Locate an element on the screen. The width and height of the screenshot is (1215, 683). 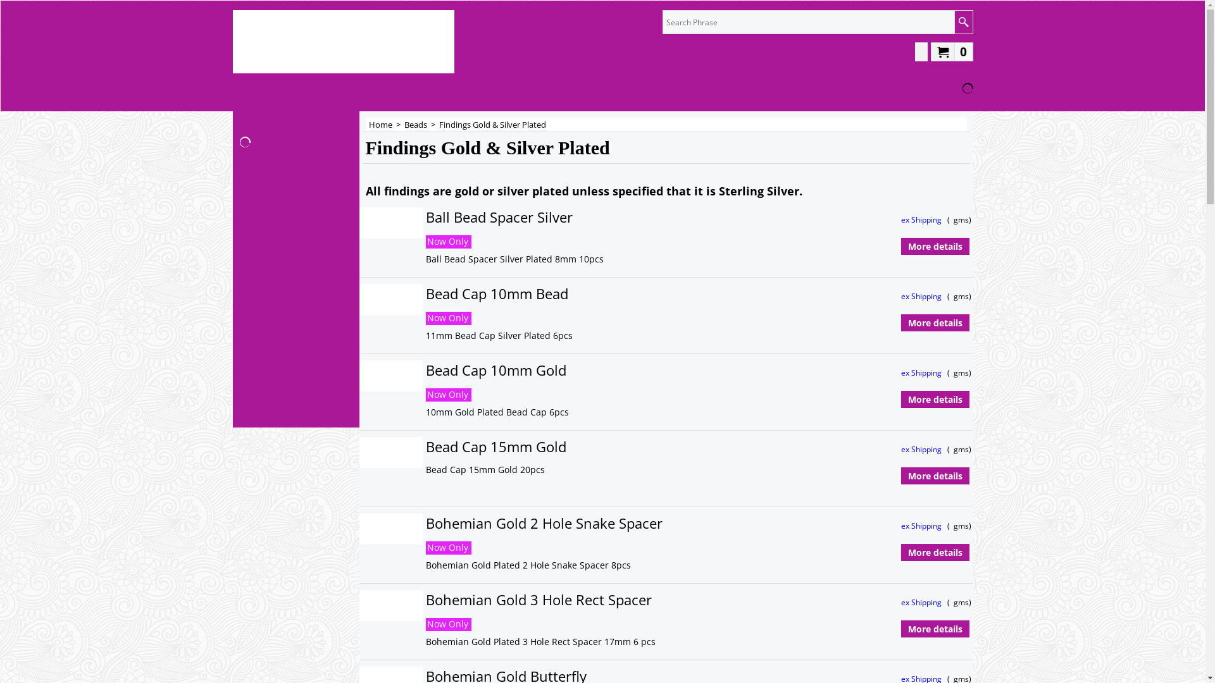
'ex Shipping' is located at coordinates (900, 526).